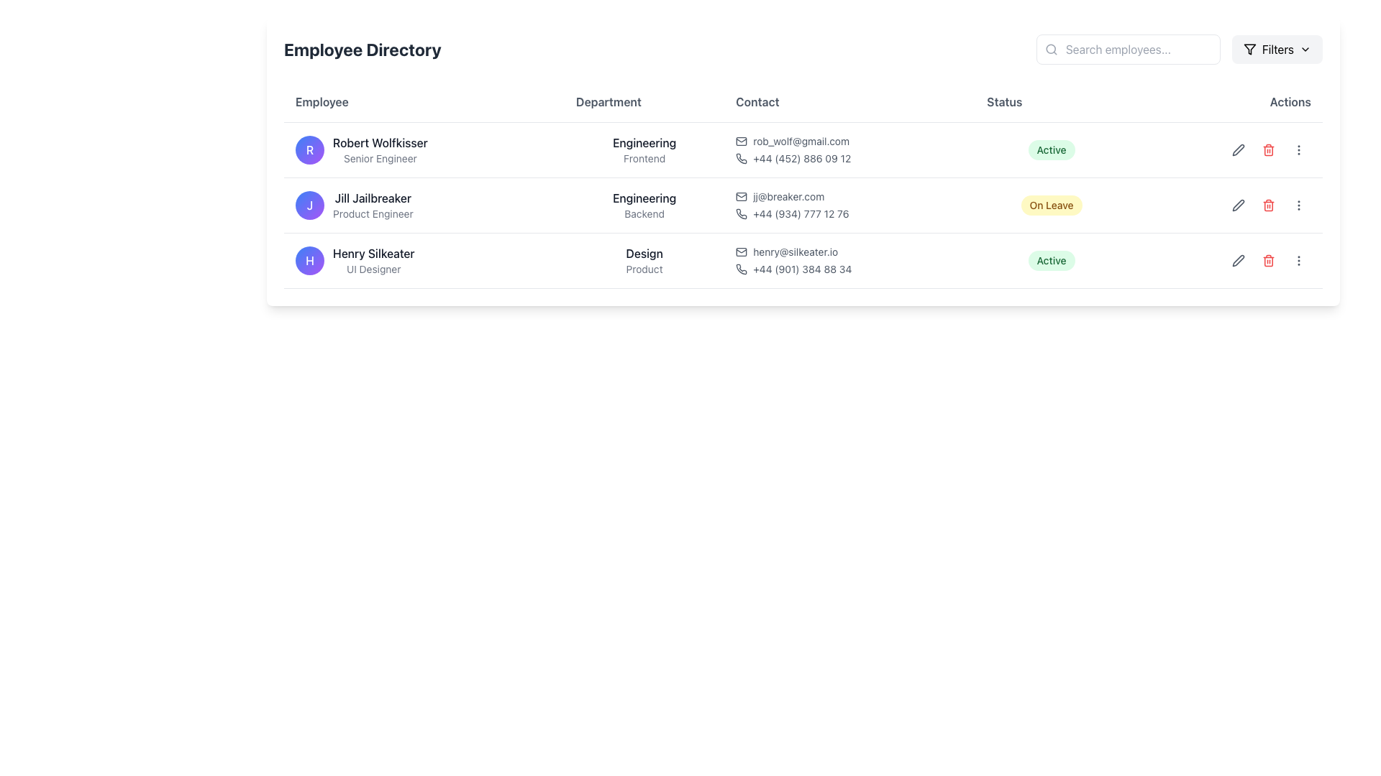  I want to click on the vertical ellipsis icon, which is a gray button composed of three vertically-aligned circles, located at the rightmost edge of the row for employee 'Jill Jailbreaker' in the 'Actions' column, so click(1298, 205).